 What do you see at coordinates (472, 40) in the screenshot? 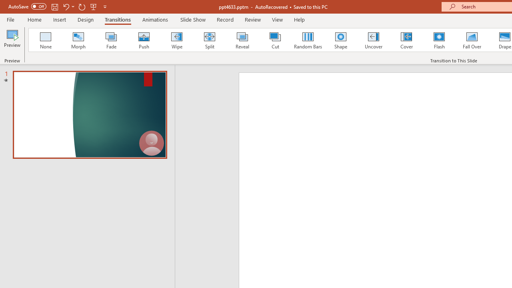
I see `'Fall Over'` at bounding box center [472, 40].